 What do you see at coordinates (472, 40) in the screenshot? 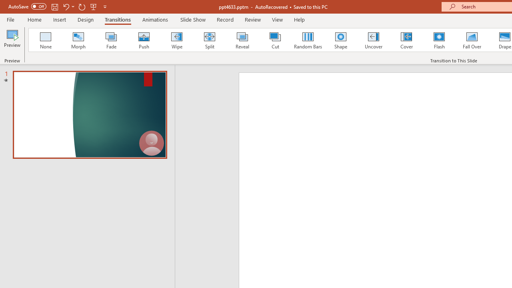
I see `'Fall Over'` at bounding box center [472, 40].